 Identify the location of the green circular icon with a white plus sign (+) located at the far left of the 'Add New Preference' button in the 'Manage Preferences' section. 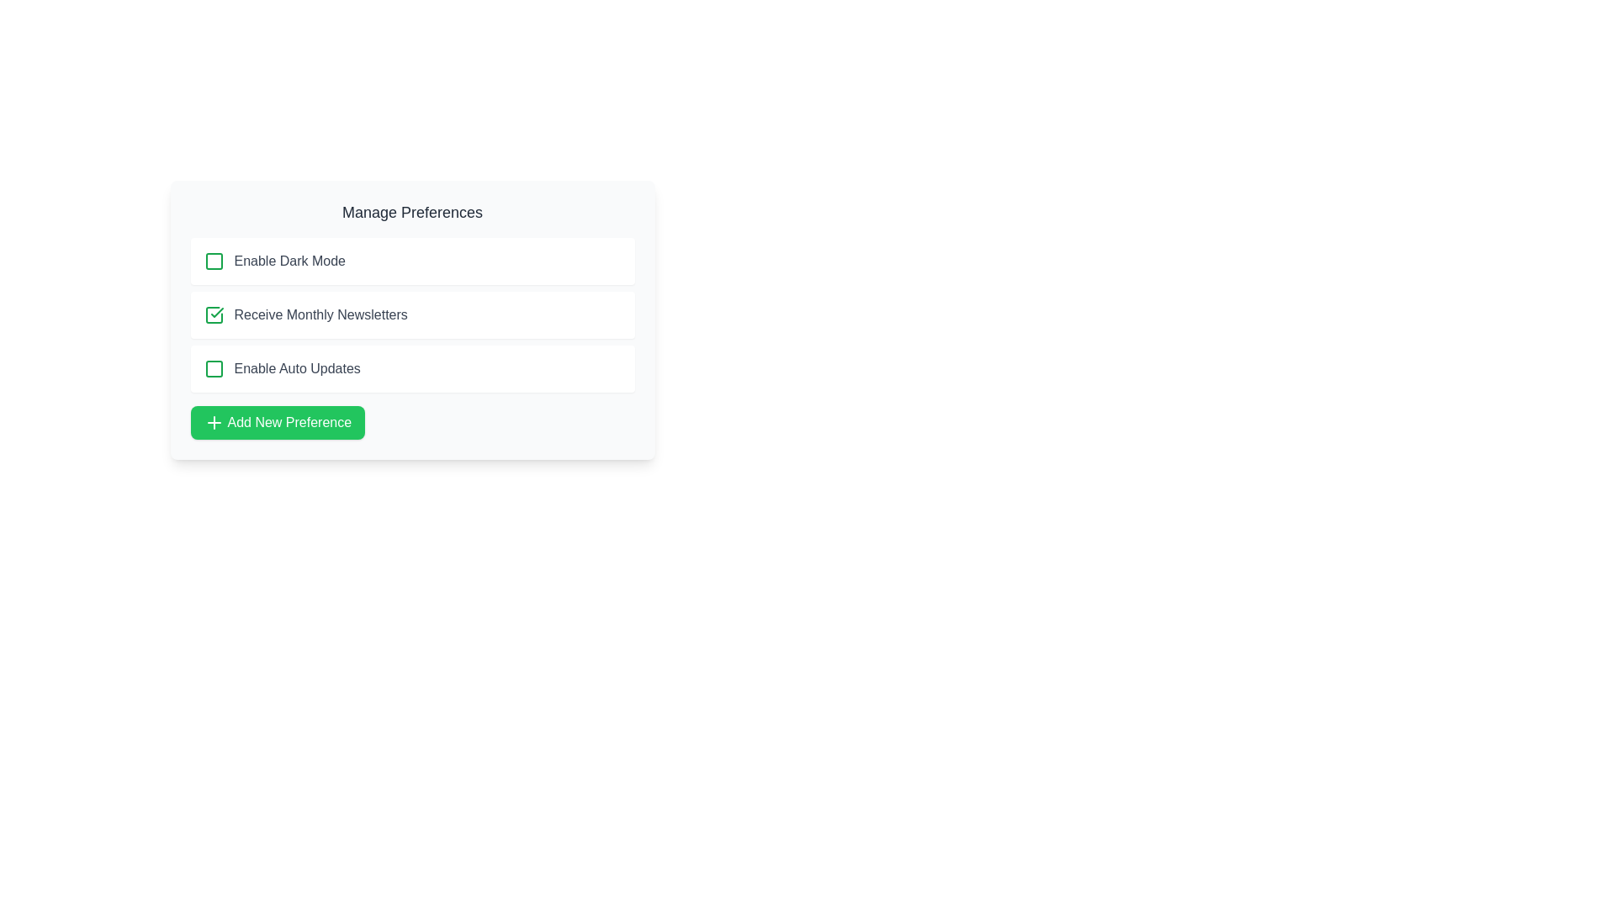
(213, 421).